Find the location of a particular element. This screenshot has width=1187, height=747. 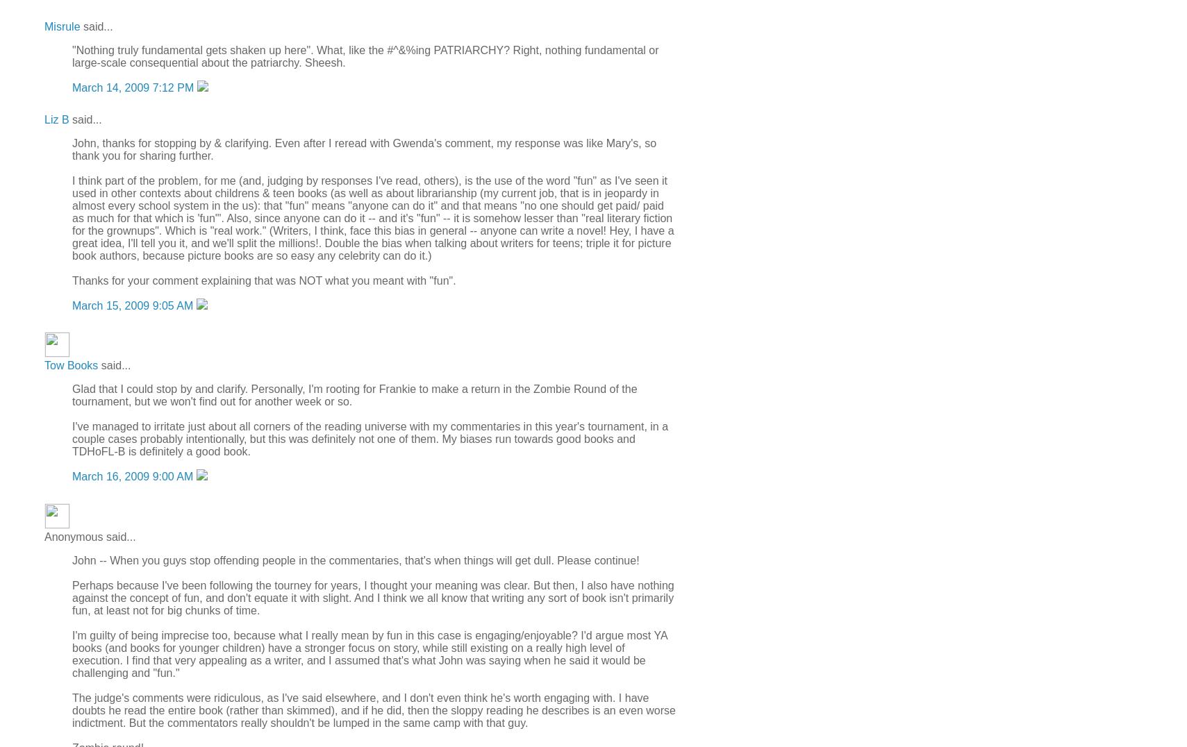

'Glad that I could stop by and clarify. Personally, I'm rooting for Frankie to make a return in the Zombie Round of the tournament, but we won't find out for another week or so.' is located at coordinates (354, 394).